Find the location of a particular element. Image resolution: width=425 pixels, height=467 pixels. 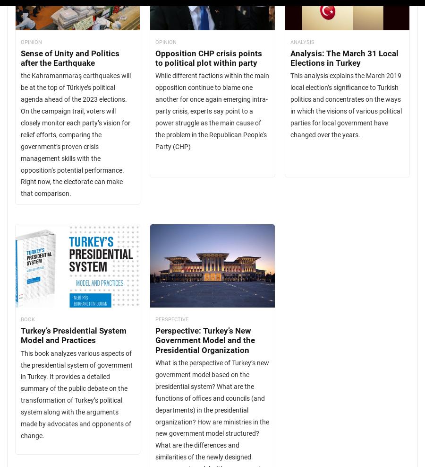

'While different factions within the main opposition continue to blame one another for once again emerging intra-party crisis, experts say point to a power struggle as the main cause of the problem in the Republican People's Party (CHP)' is located at coordinates (155, 111).